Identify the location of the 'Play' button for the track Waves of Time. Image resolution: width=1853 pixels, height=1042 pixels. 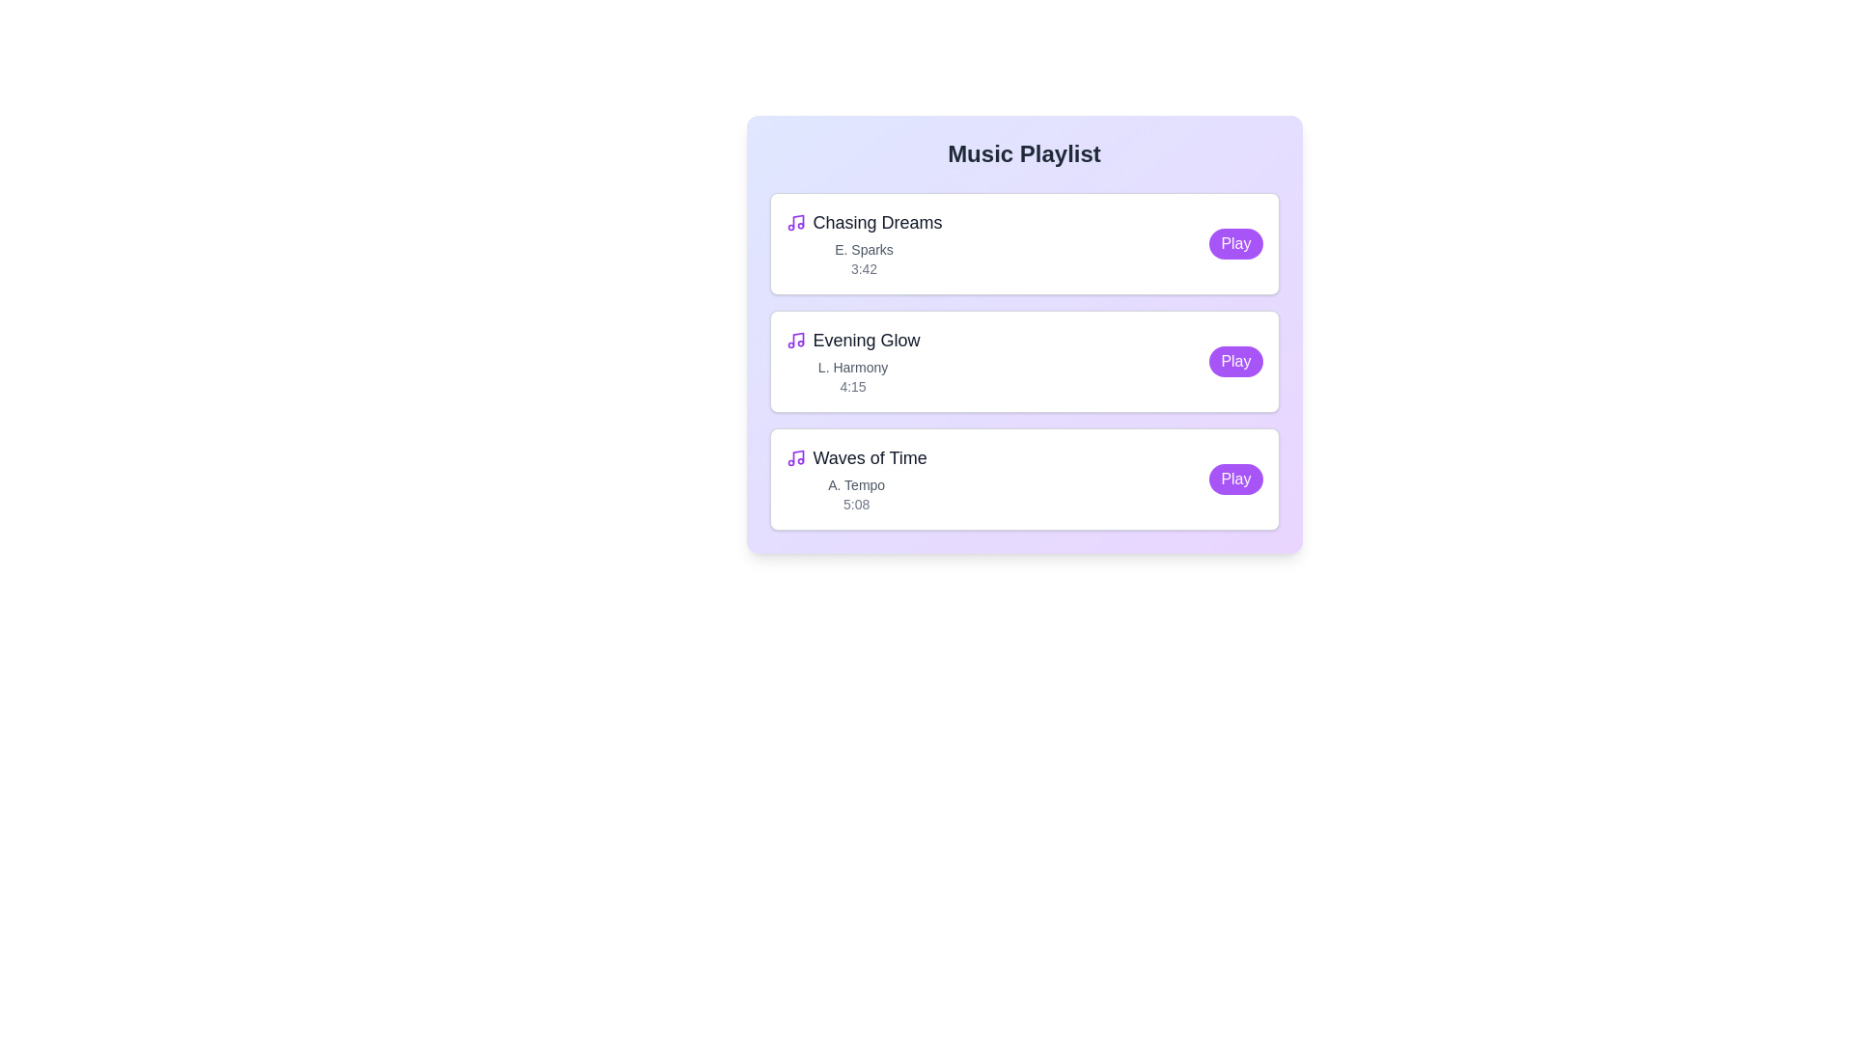
(1236, 479).